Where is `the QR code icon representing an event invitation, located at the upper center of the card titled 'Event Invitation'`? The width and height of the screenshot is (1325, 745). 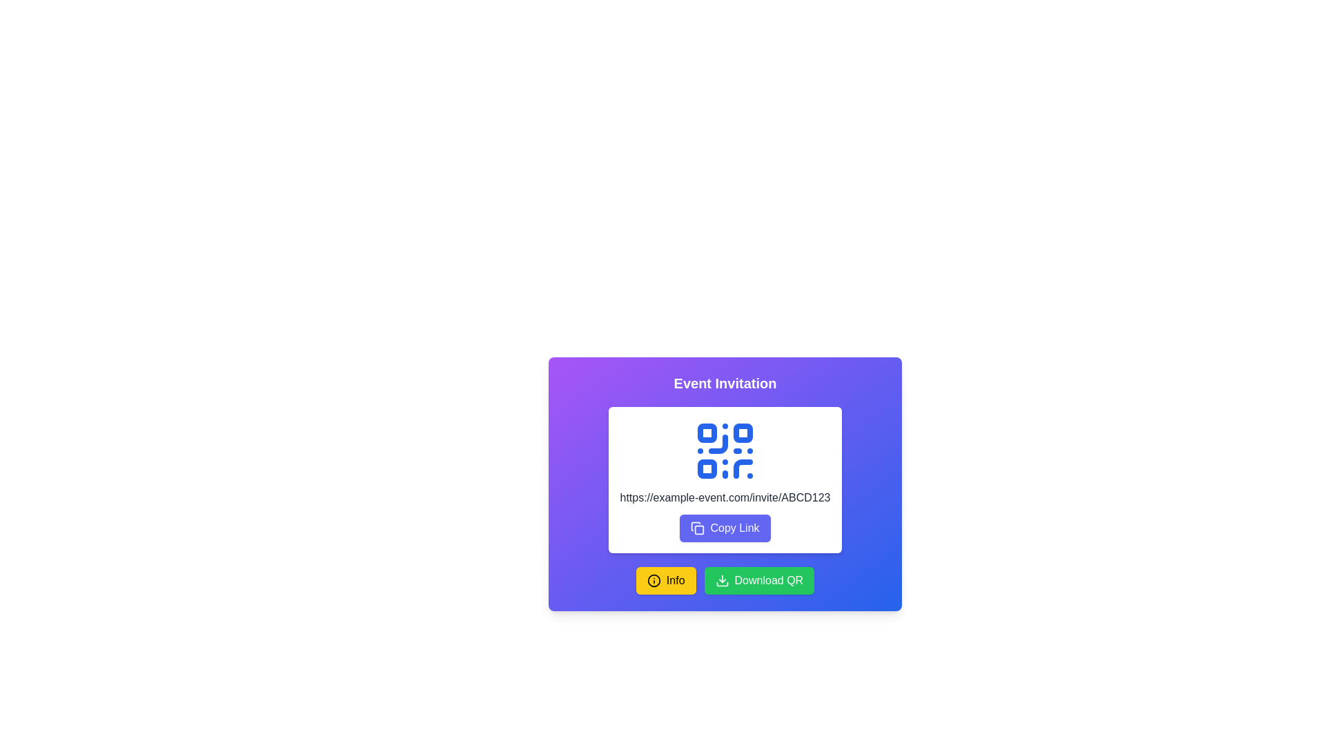
the QR code icon representing an event invitation, located at the upper center of the card titled 'Event Invitation' is located at coordinates (725, 451).